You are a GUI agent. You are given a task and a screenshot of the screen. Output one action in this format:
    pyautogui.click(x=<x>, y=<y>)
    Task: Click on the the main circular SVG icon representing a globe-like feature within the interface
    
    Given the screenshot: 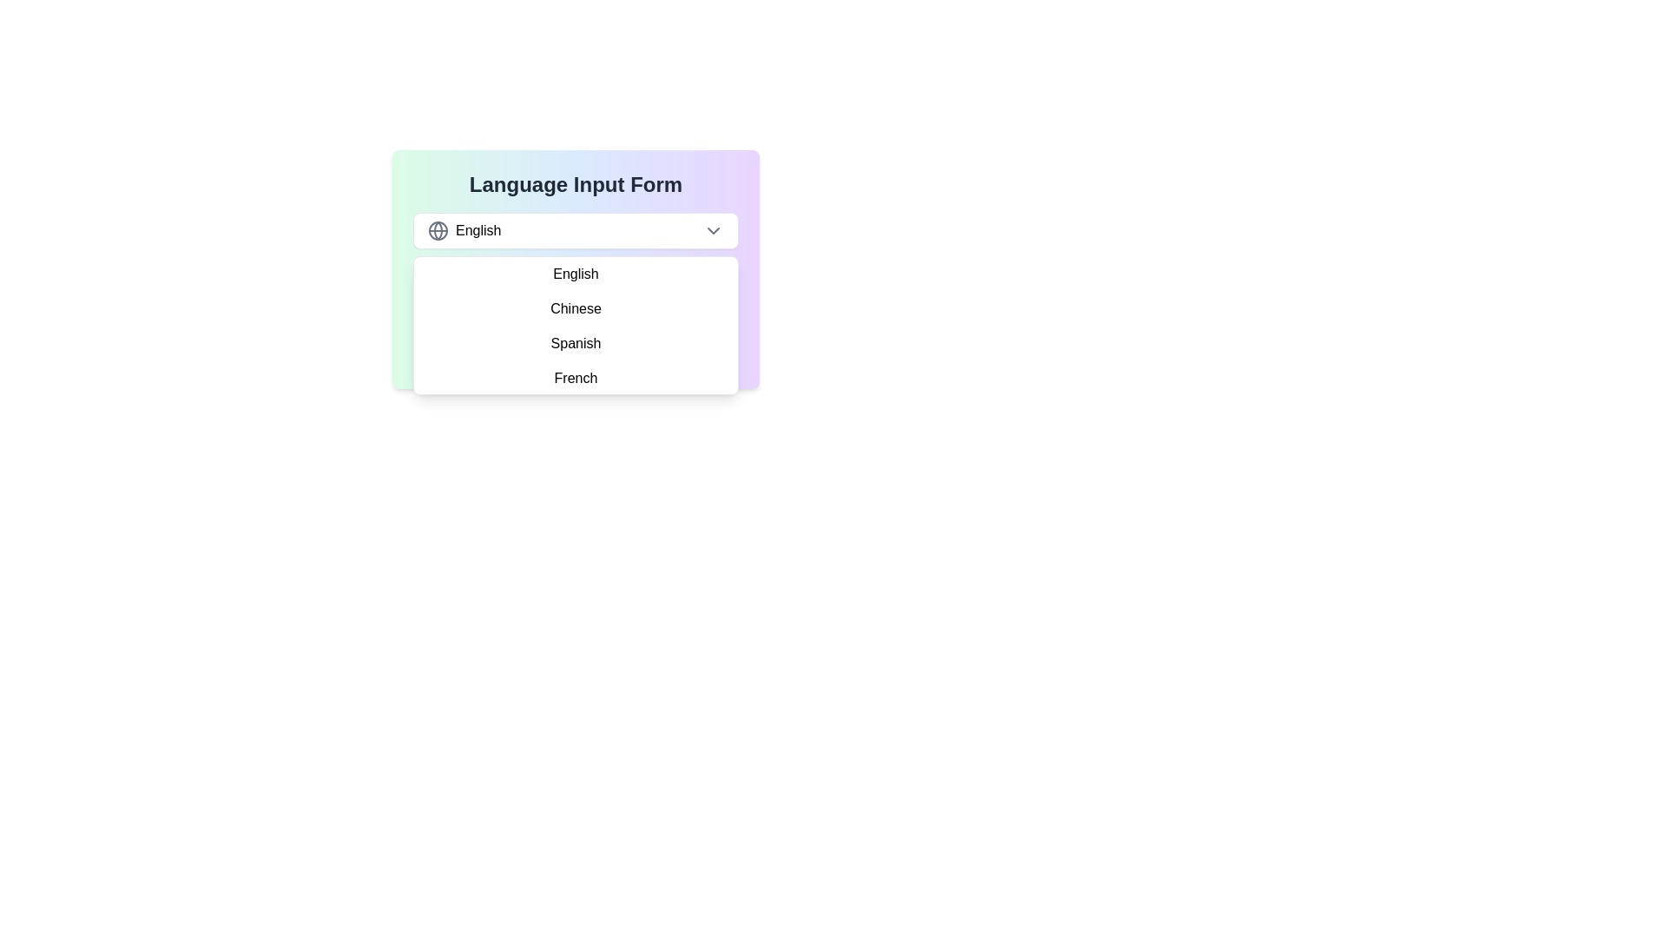 What is the action you would take?
    pyautogui.click(x=438, y=230)
    